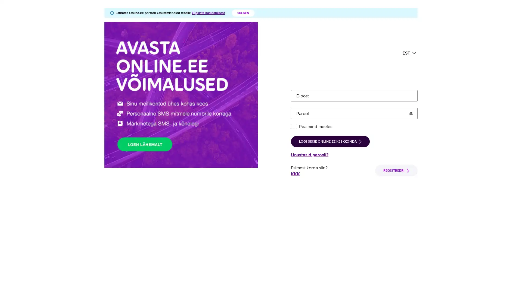 The width and height of the screenshot is (522, 293). What do you see at coordinates (410, 27) in the screenshot?
I see `EST` at bounding box center [410, 27].